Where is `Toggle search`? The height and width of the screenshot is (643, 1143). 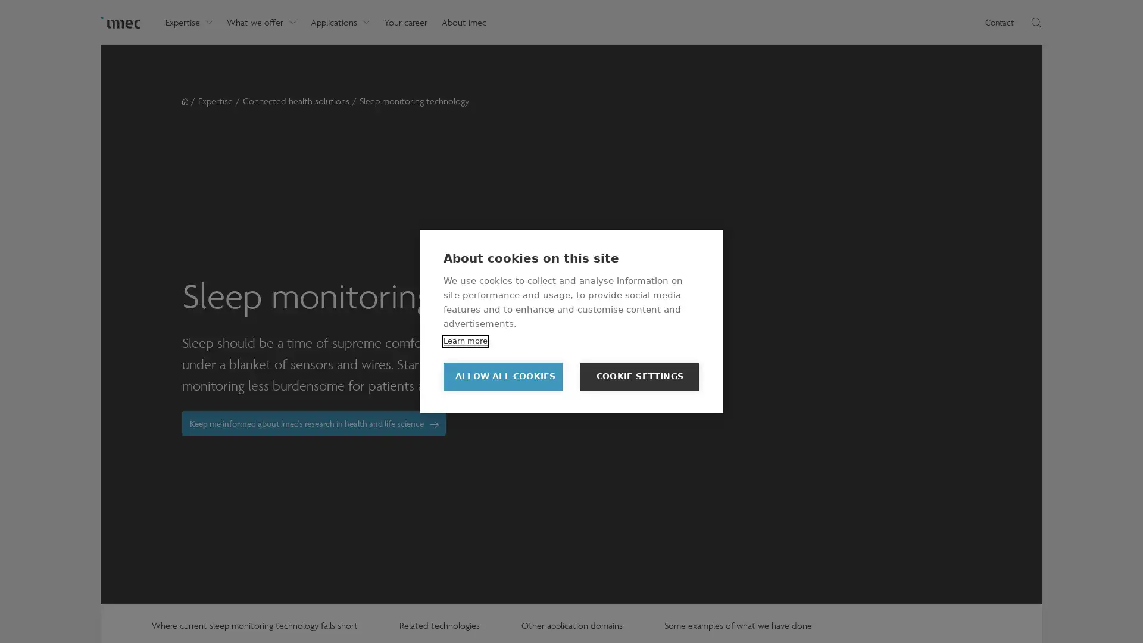
Toggle search is located at coordinates (1035, 22).